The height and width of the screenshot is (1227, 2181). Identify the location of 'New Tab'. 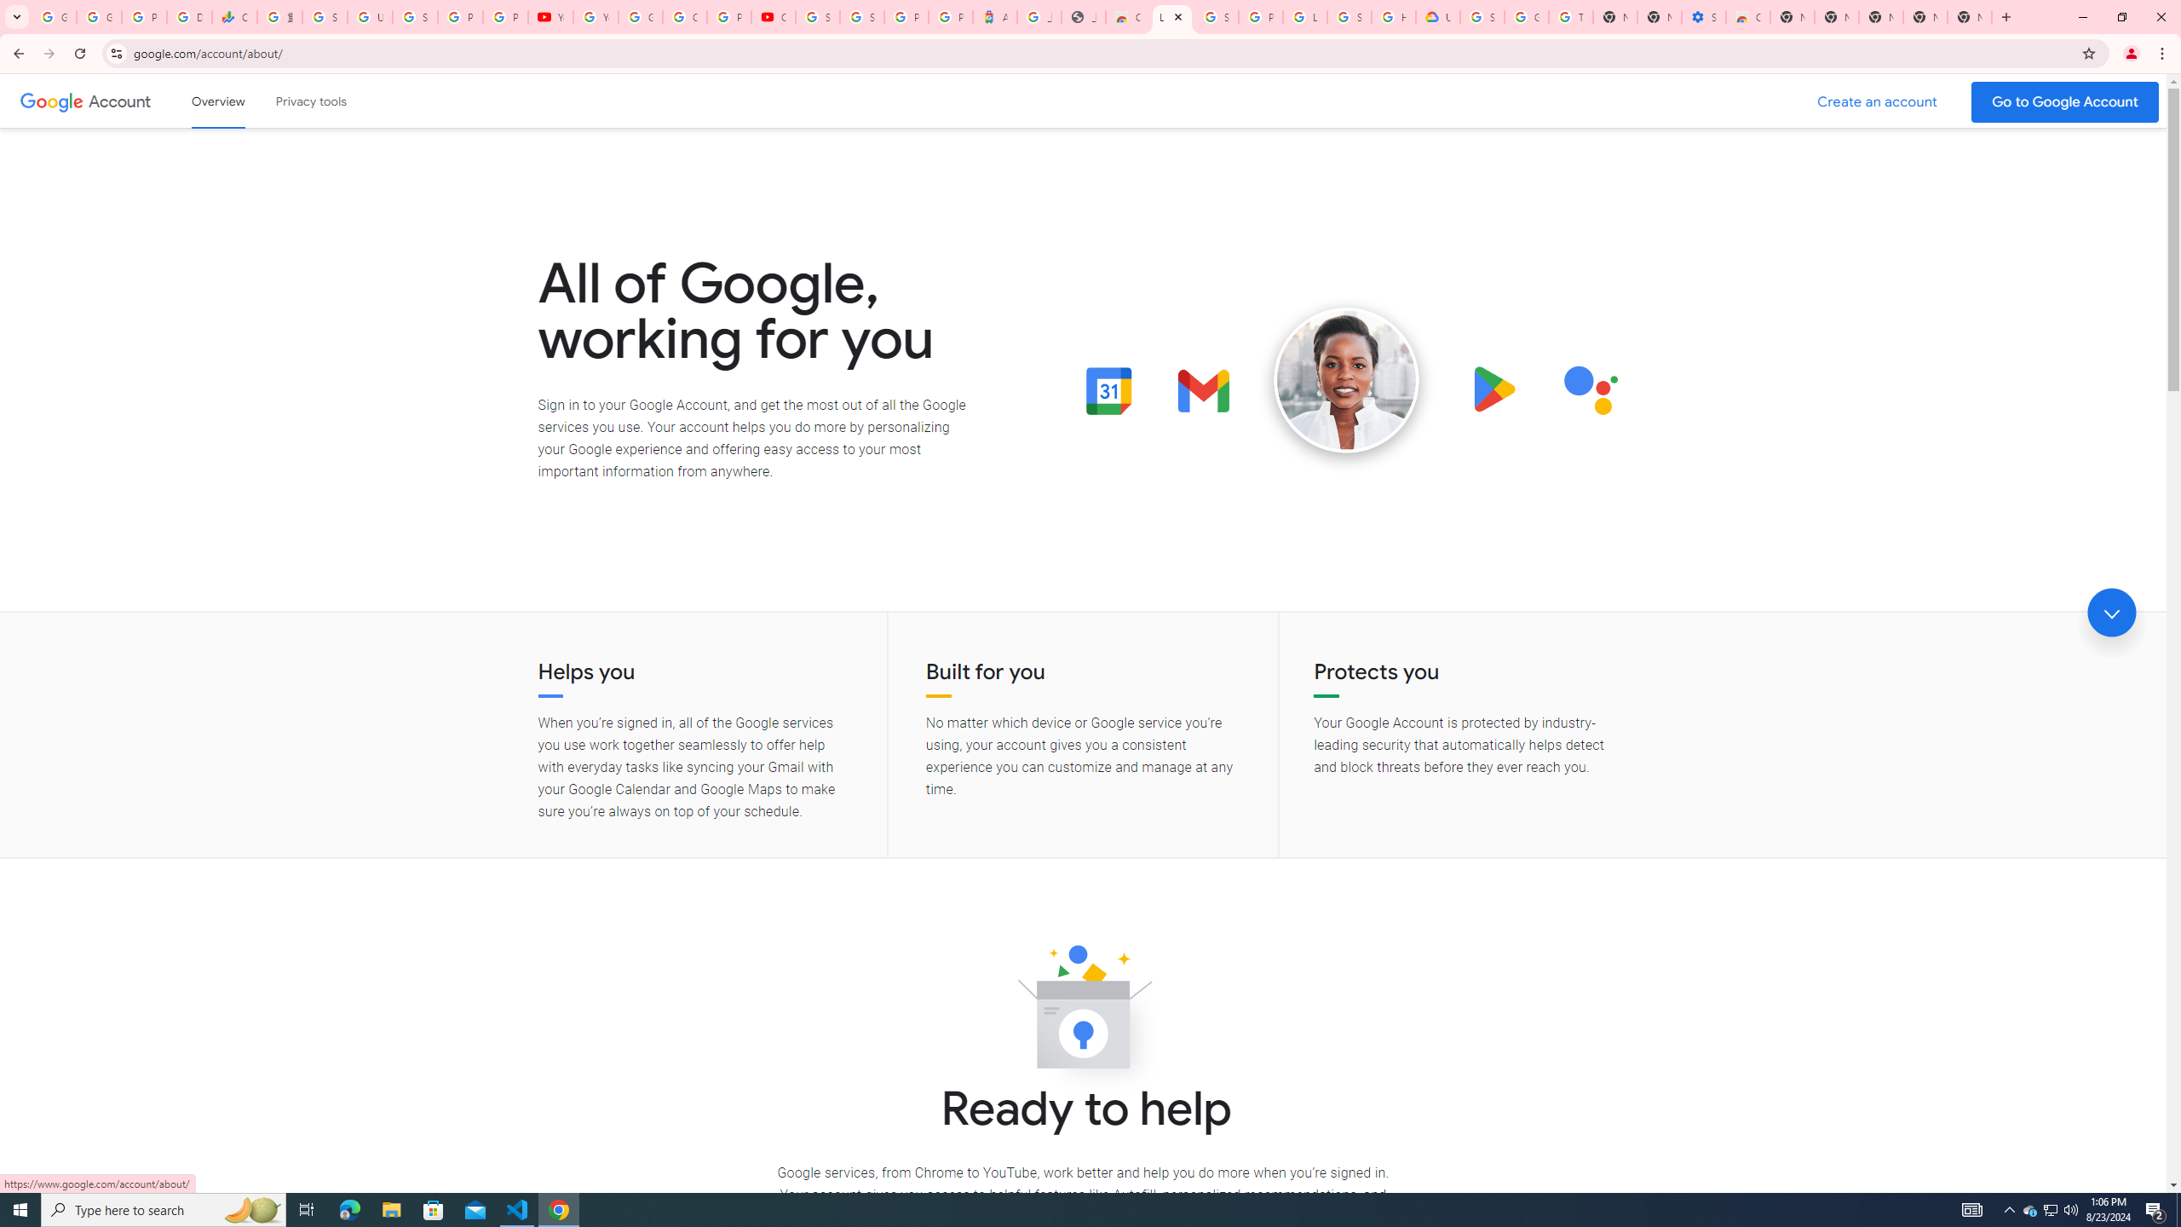
(2004, 16).